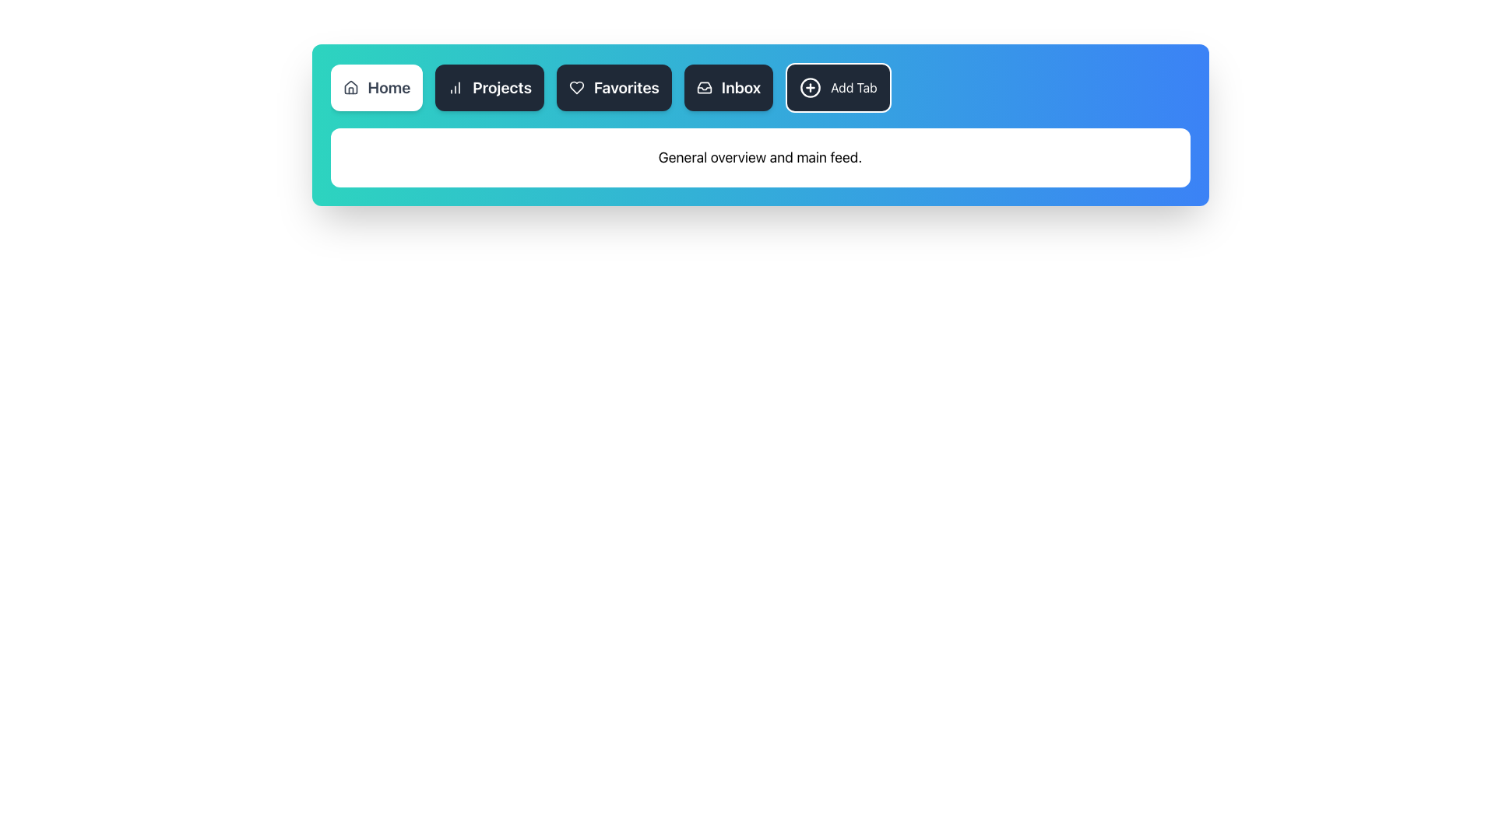 This screenshot has height=840, width=1495. Describe the element at coordinates (575, 87) in the screenshot. I see `the 'Favorites' icon located on the left side of the 'Favorites' label in the main navigation bar` at that location.